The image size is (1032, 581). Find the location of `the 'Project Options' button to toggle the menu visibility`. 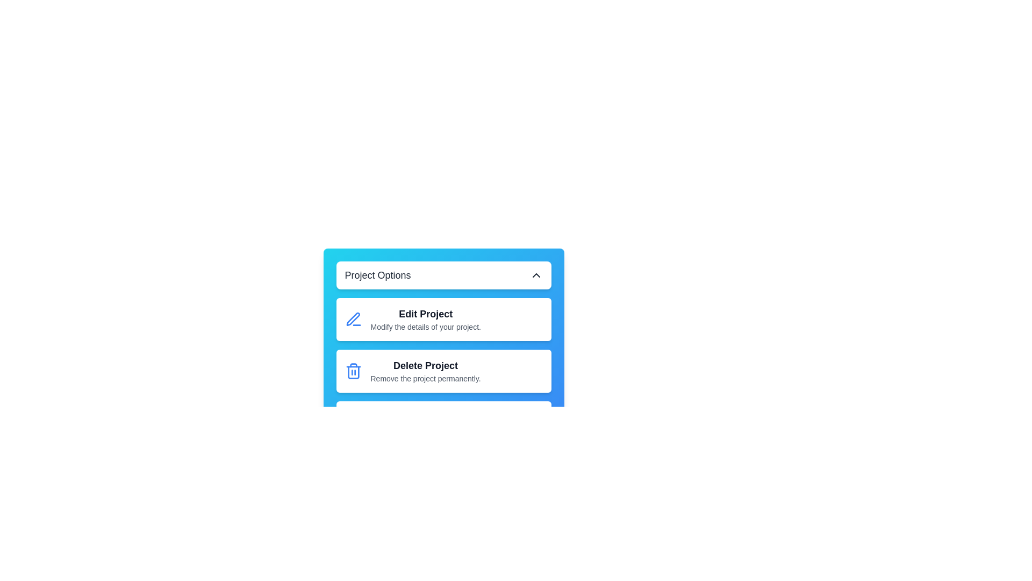

the 'Project Options' button to toggle the menu visibility is located at coordinates (443, 275).